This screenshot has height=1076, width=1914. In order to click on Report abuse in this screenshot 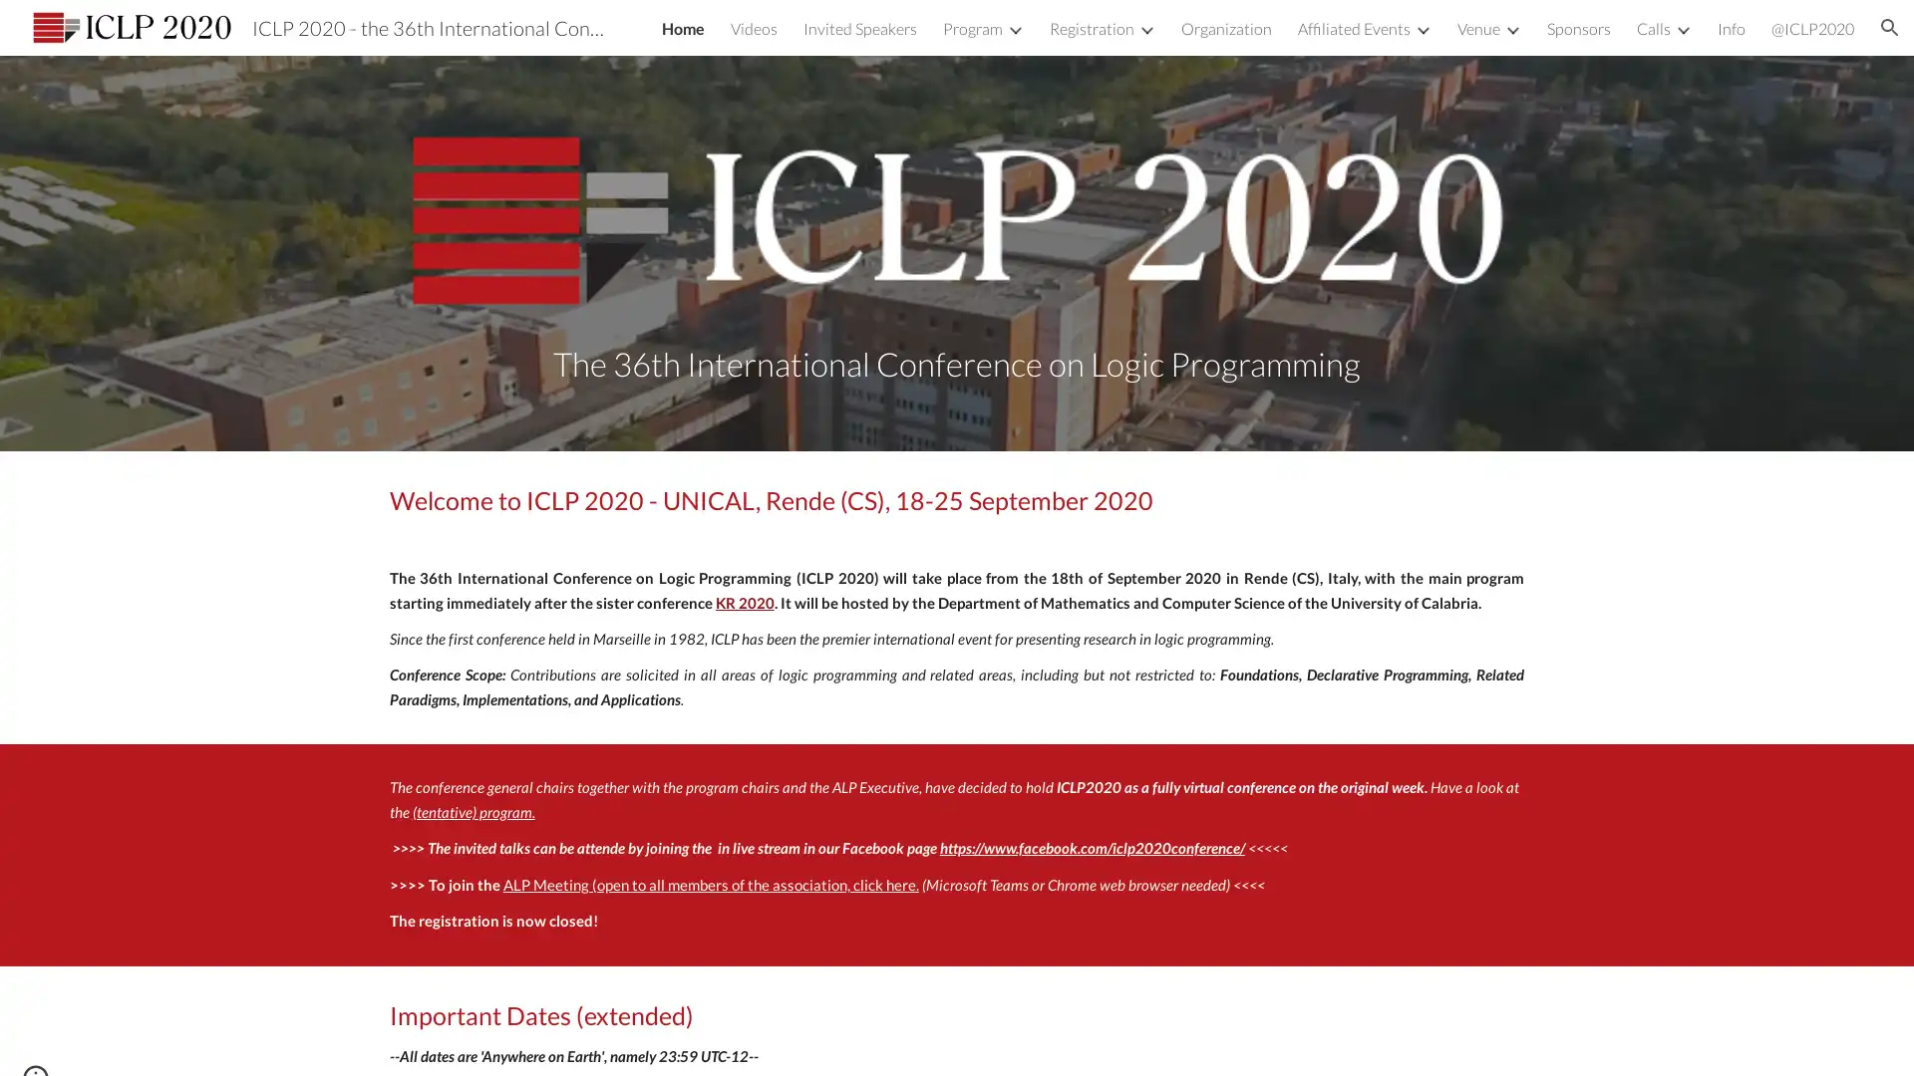, I will do `click(156, 1040)`.